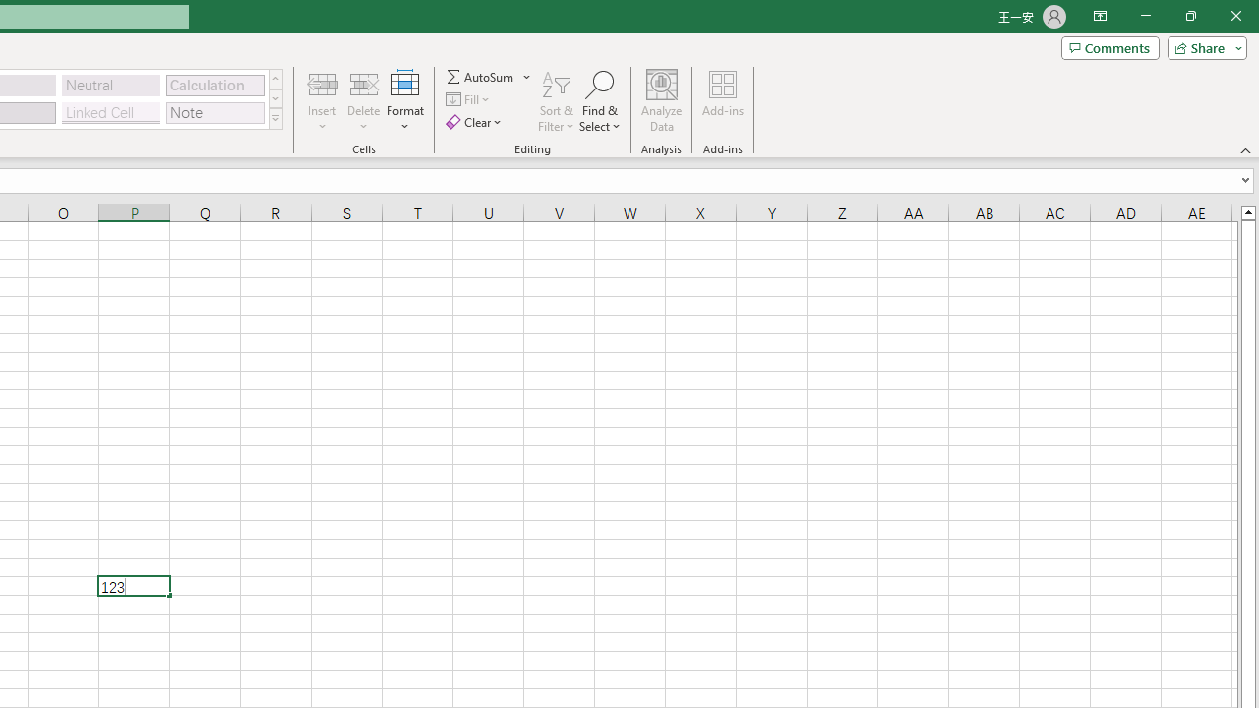 The image size is (1259, 708). Describe the element at coordinates (469, 99) in the screenshot. I see `'Fill'` at that location.